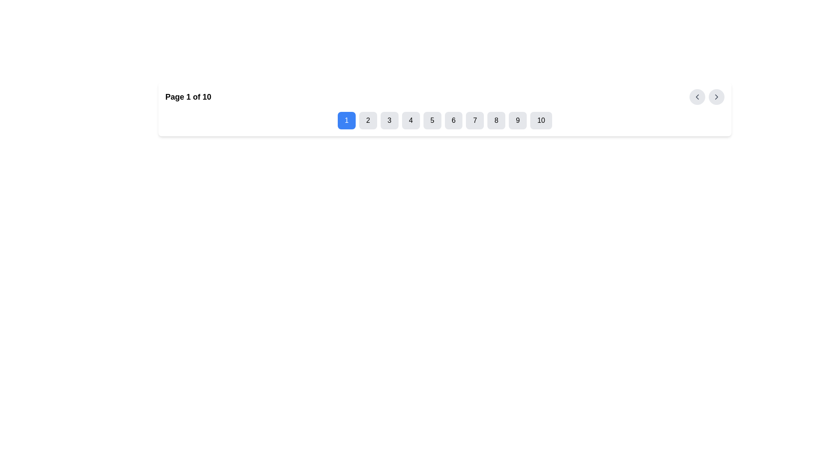 The width and height of the screenshot is (840, 472). Describe the element at coordinates (716, 97) in the screenshot. I see `the circular button with a right-facing chevron icon` at that location.